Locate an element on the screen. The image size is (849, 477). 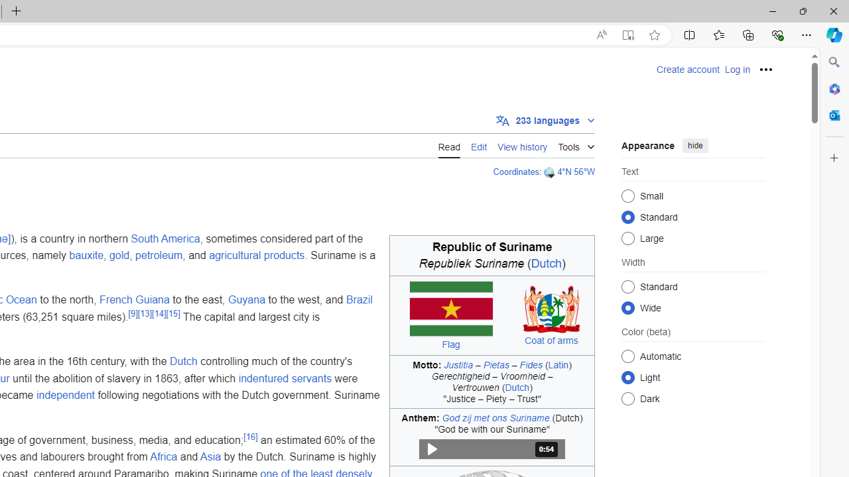
'Africa' is located at coordinates (163, 456).